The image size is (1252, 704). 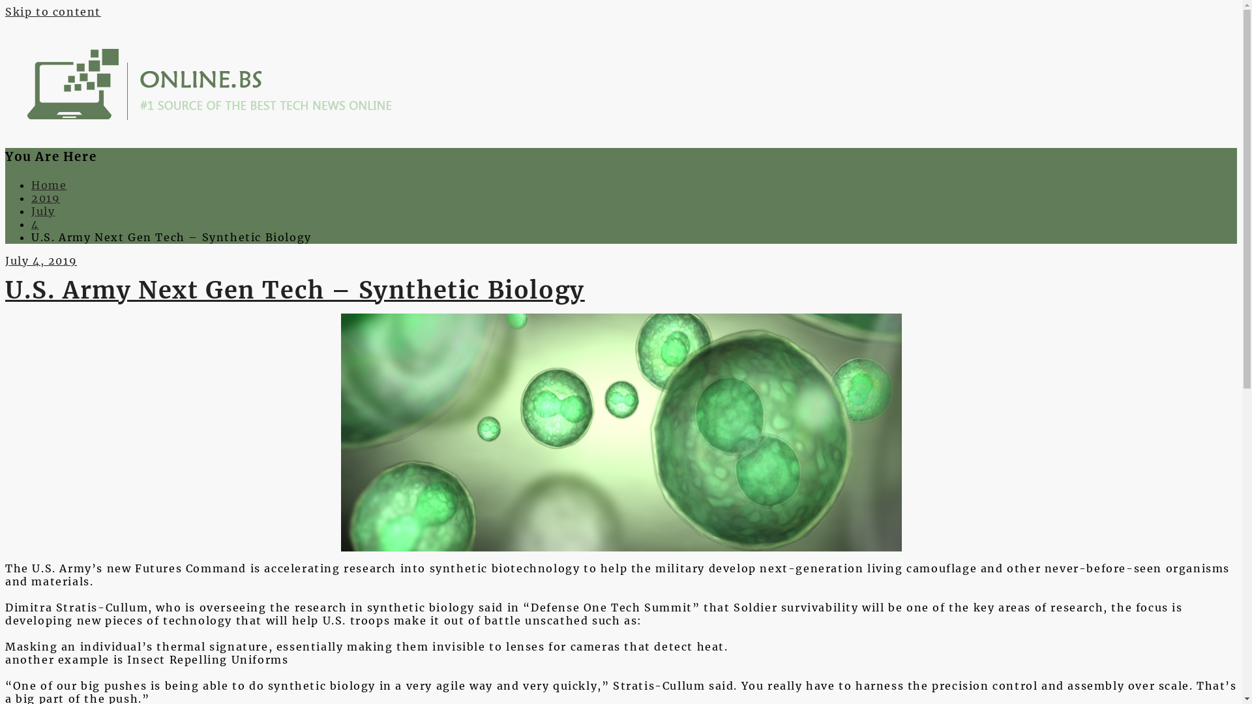 What do you see at coordinates (31, 223) in the screenshot?
I see `'4'` at bounding box center [31, 223].